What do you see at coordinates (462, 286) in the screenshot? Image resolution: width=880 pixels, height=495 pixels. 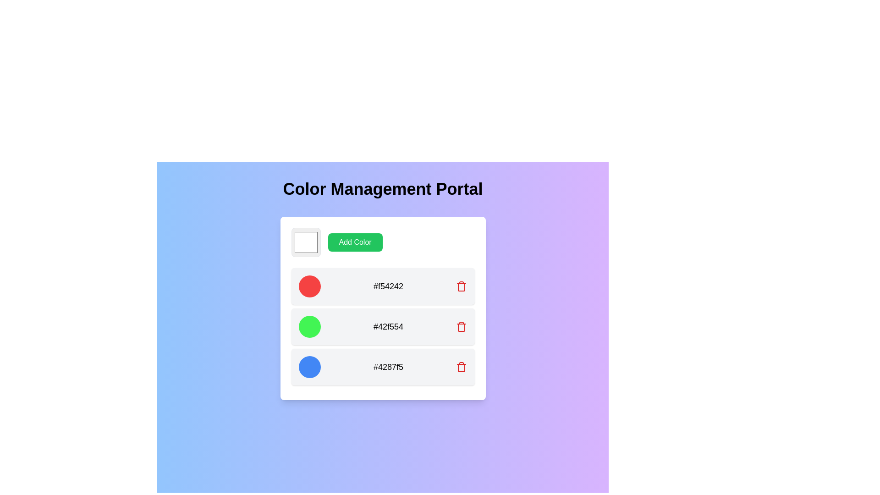 I see `the red trash bin icon button to observe the color change, which indicates a delete action and is located adjacent to the hexadecimal color code '#f54242' in the first row of the list item interface` at bounding box center [462, 286].